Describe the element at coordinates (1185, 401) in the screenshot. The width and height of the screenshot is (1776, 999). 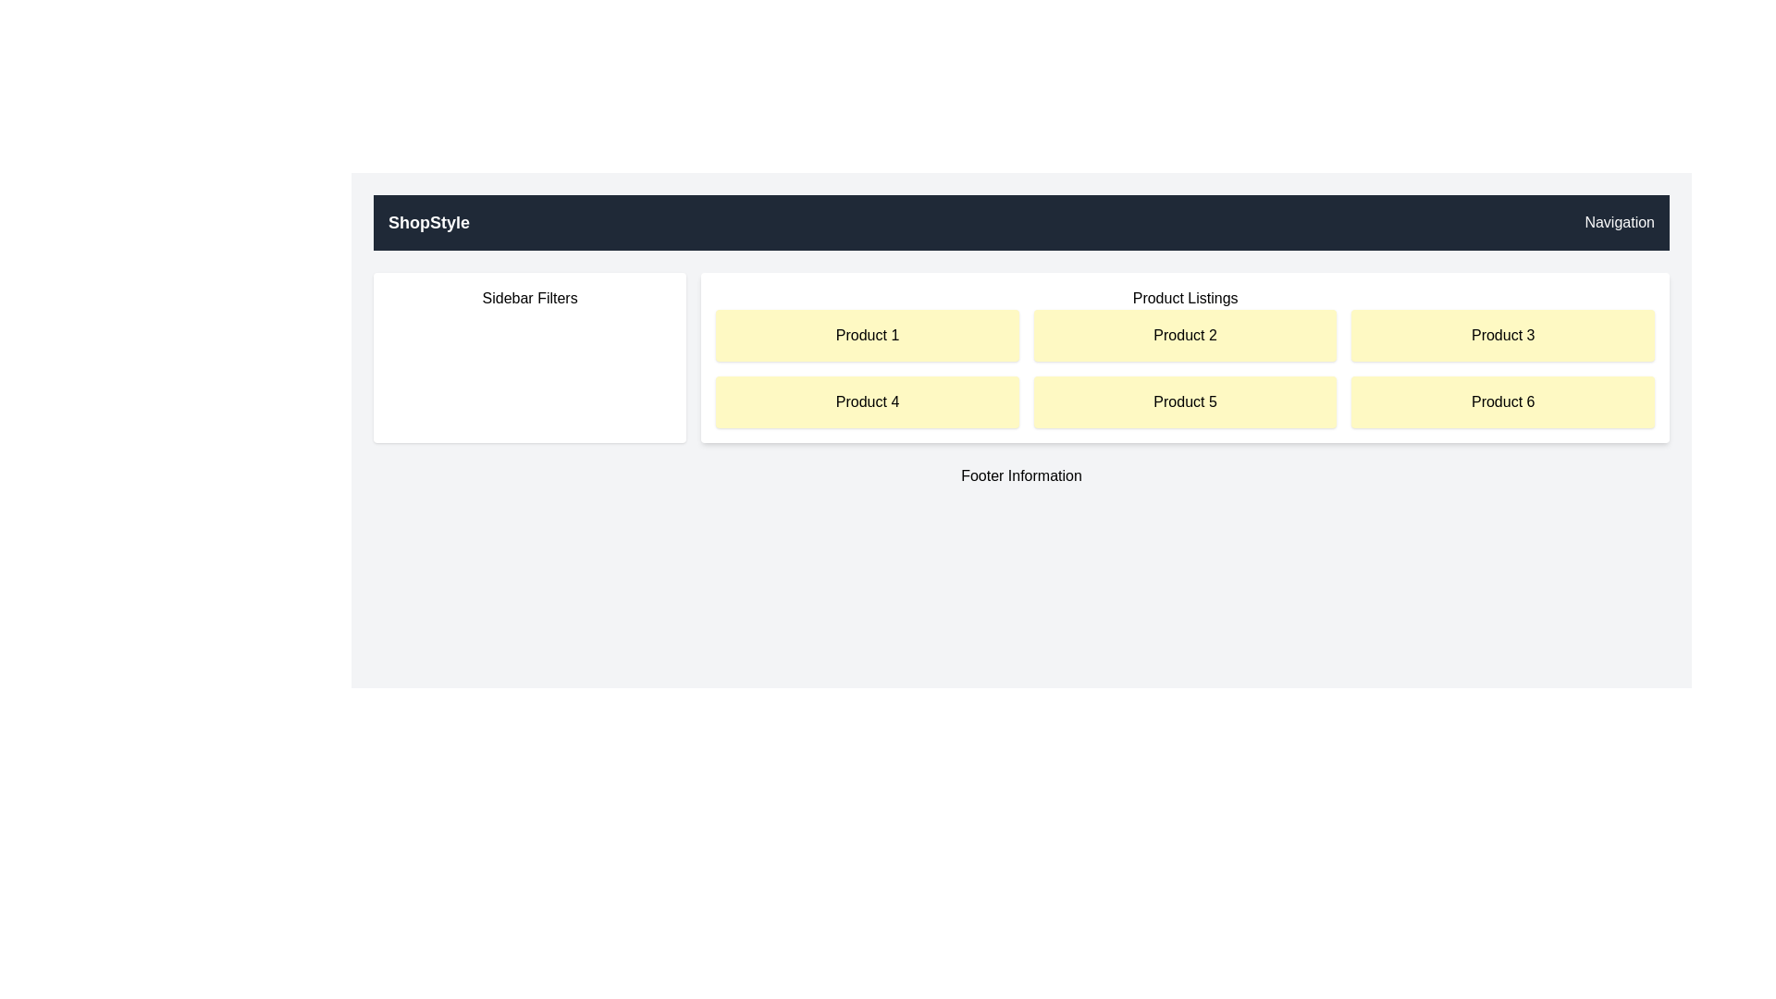
I see `the static display box representing 'Product 5', which is a rectangular box with rounded corners and a pale yellow background, containing the text 'Product 5' in bold black font` at that location.